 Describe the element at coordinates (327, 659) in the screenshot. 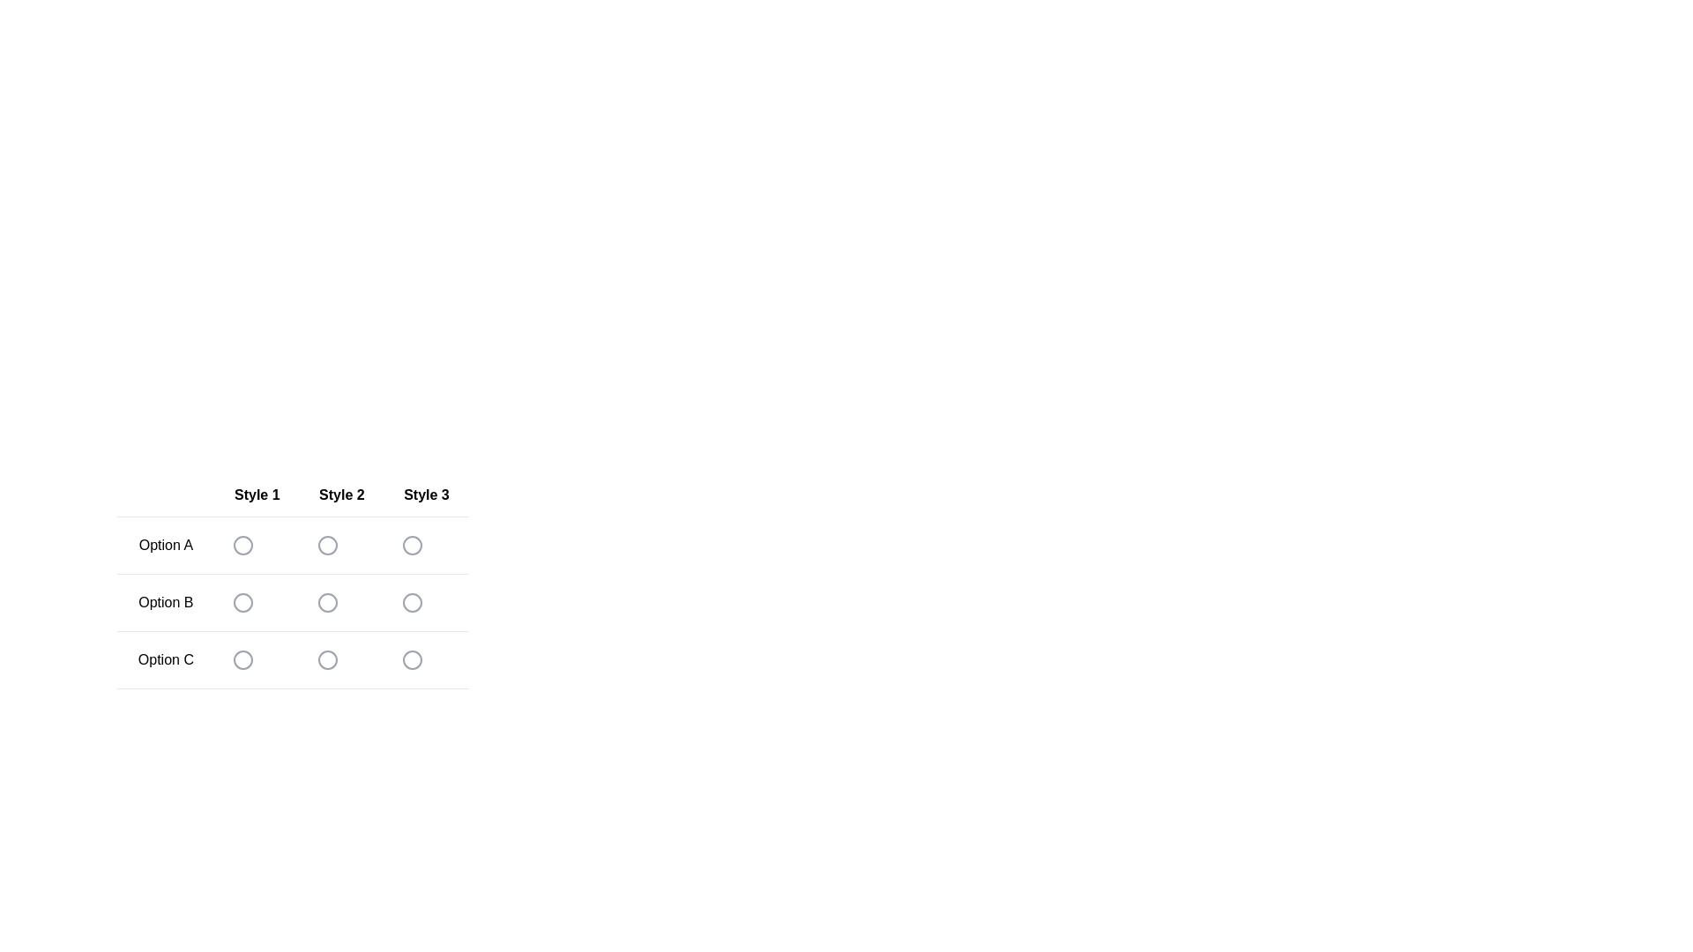

I see `the interactive radio button under 'Style 2' aligned with 'Option C'` at that location.